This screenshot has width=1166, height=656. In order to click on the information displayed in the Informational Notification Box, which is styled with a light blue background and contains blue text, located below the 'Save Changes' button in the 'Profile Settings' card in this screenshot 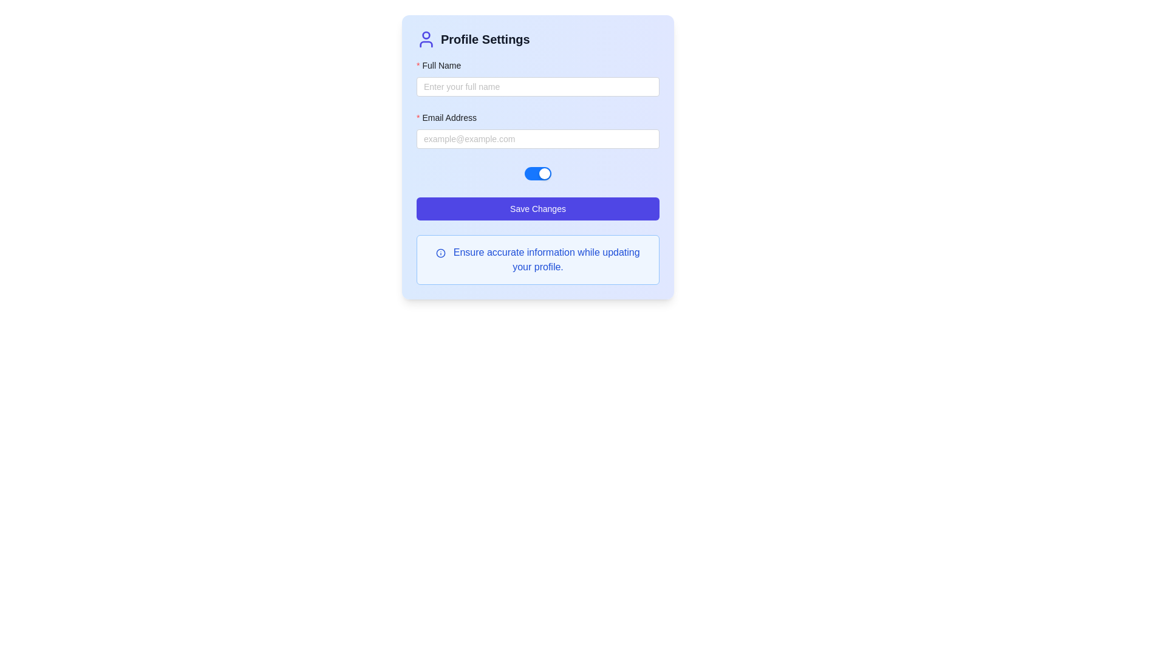, I will do `click(537, 259)`.